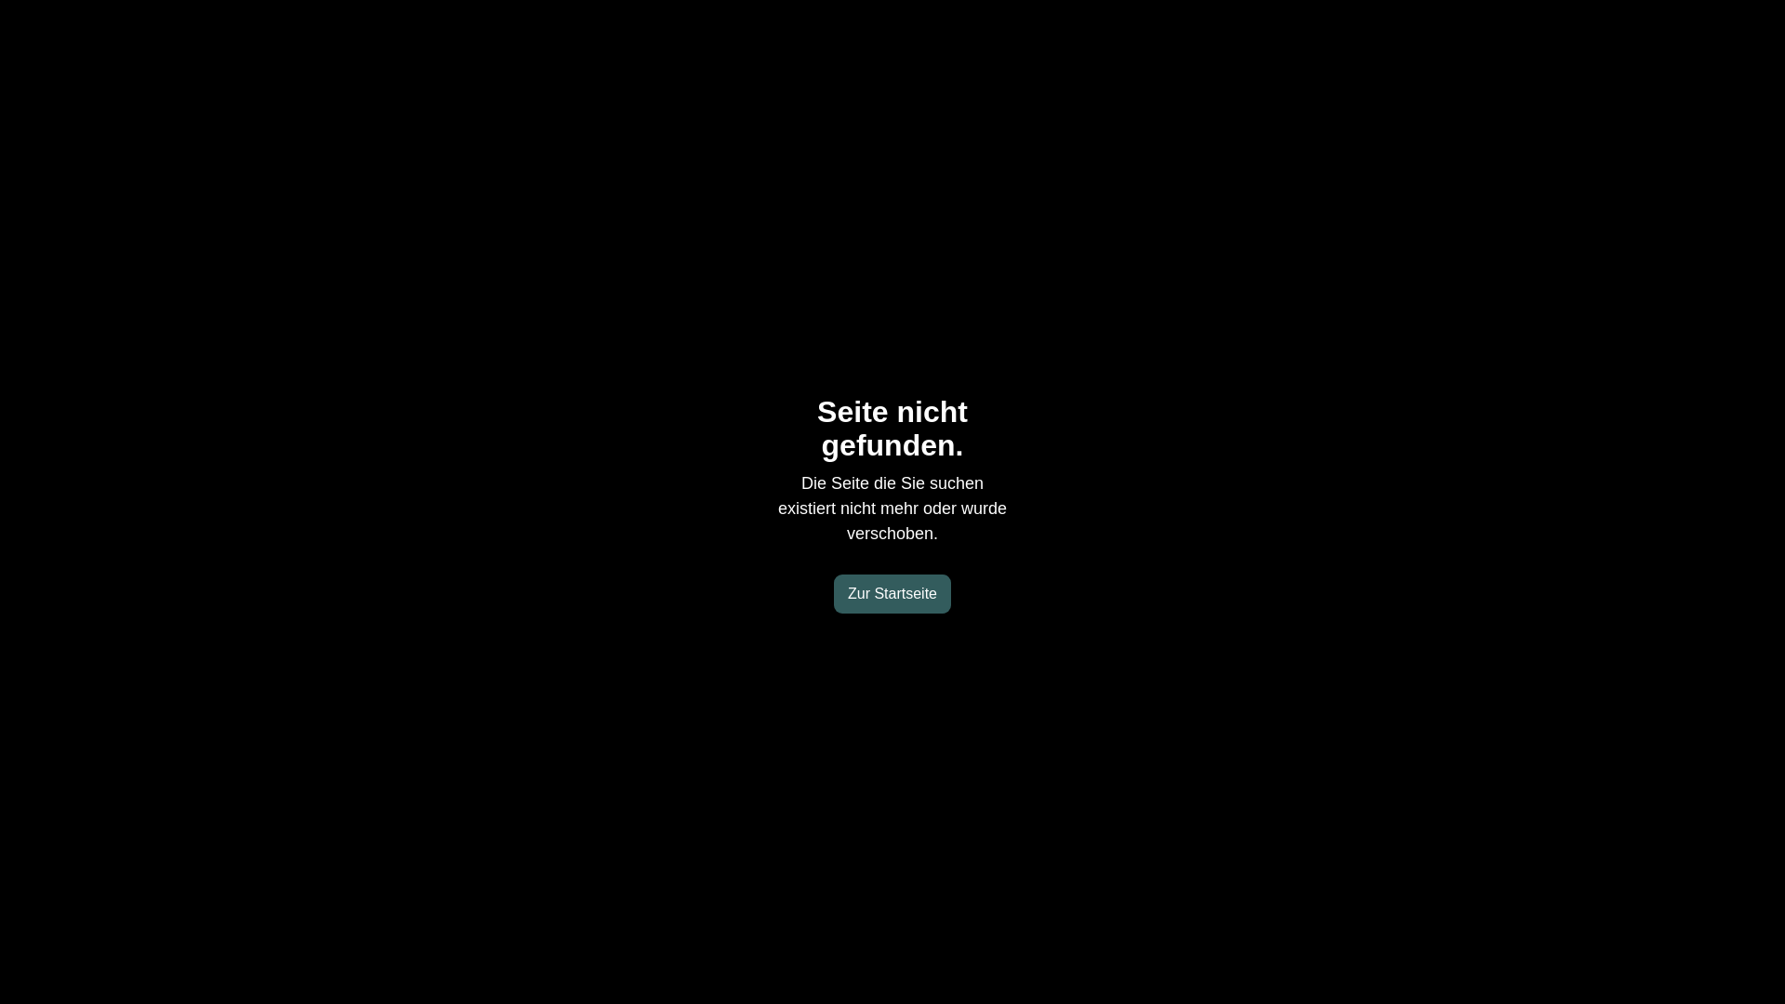 This screenshot has width=1785, height=1004. Describe the element at coordinates (892, 594) in the screenshot. I see `'Zur Startseite'` at that location.